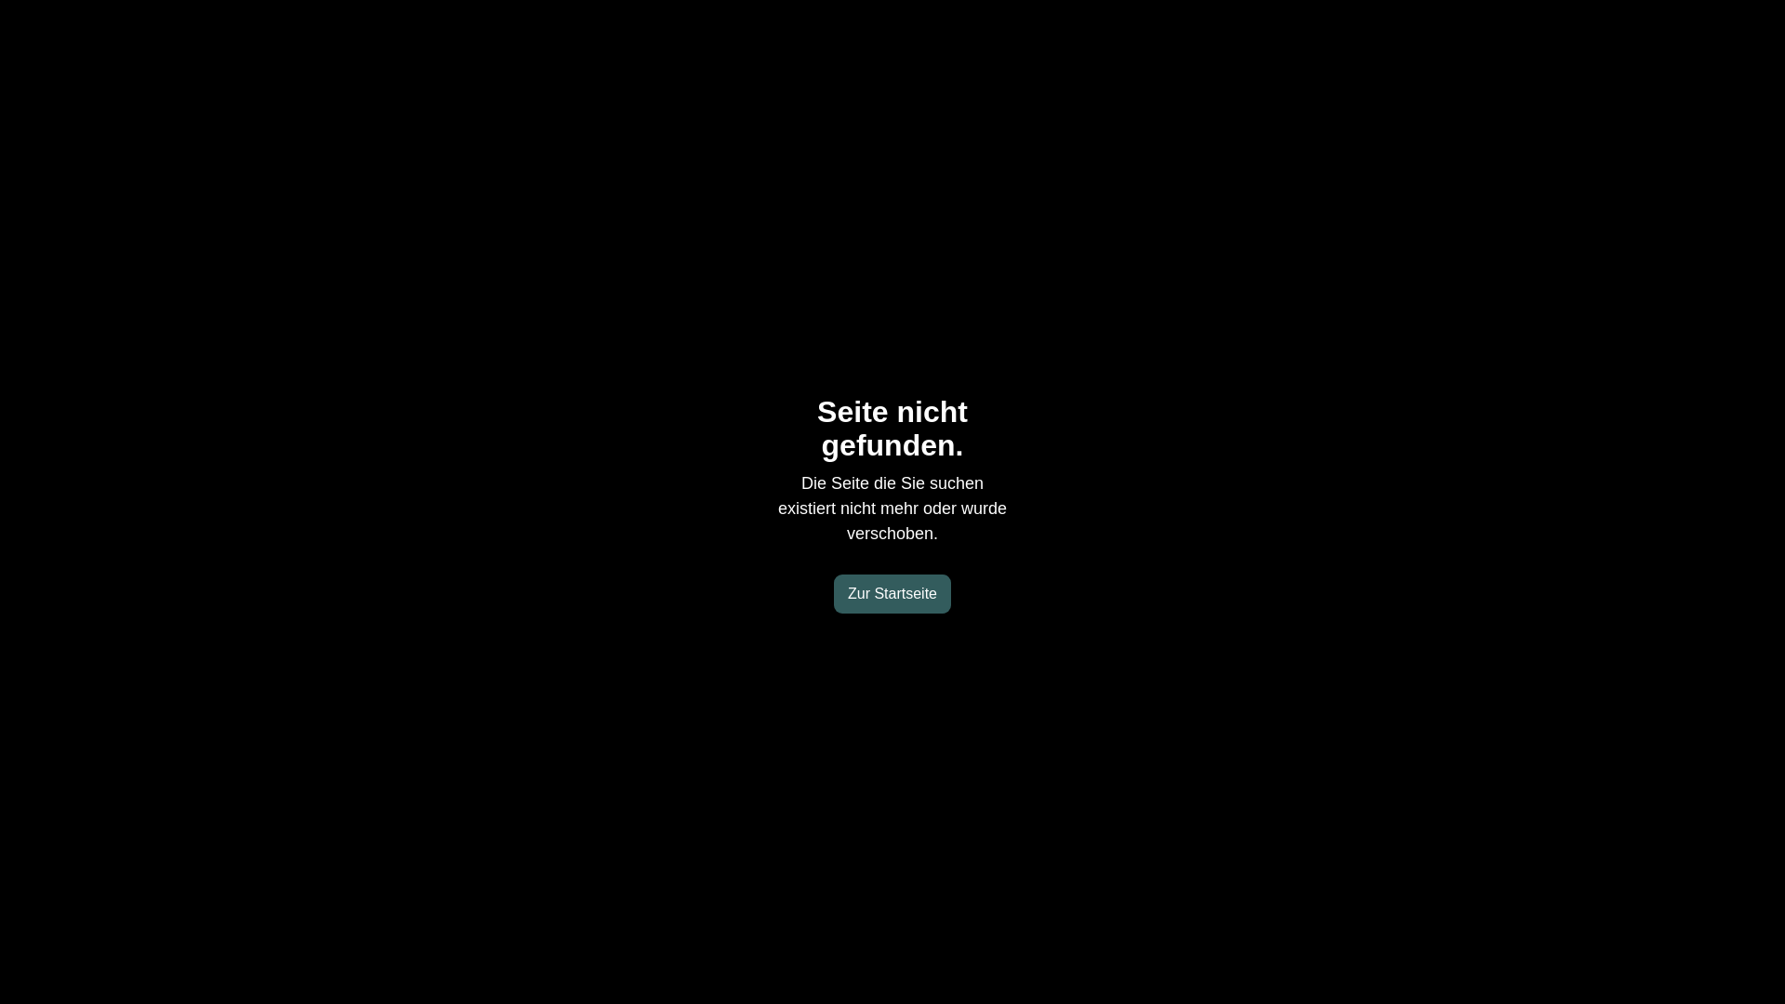 This screenshot has width=1785, height=1004. Describe the element at coordinates (892, 594) in the screenshot. I see `'Zur Startseite'` at that location.